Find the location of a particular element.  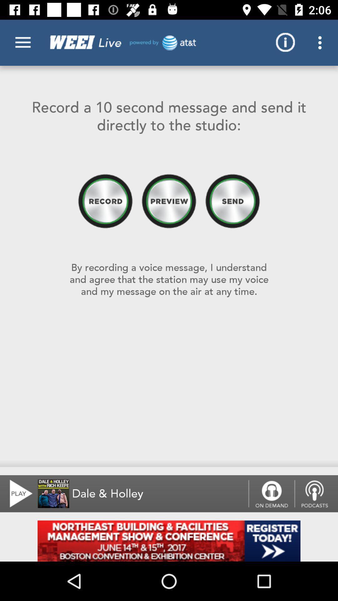

advertisement is located at coordinates (169, 541).